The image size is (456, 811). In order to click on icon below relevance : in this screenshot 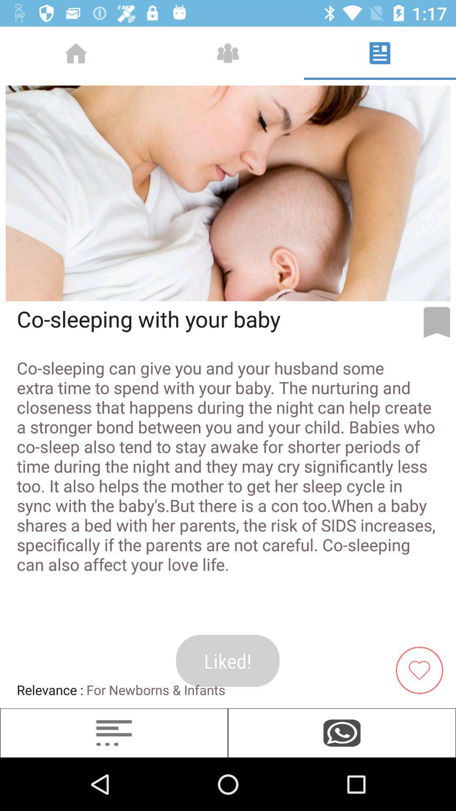, I will do `click(114, 732)`.